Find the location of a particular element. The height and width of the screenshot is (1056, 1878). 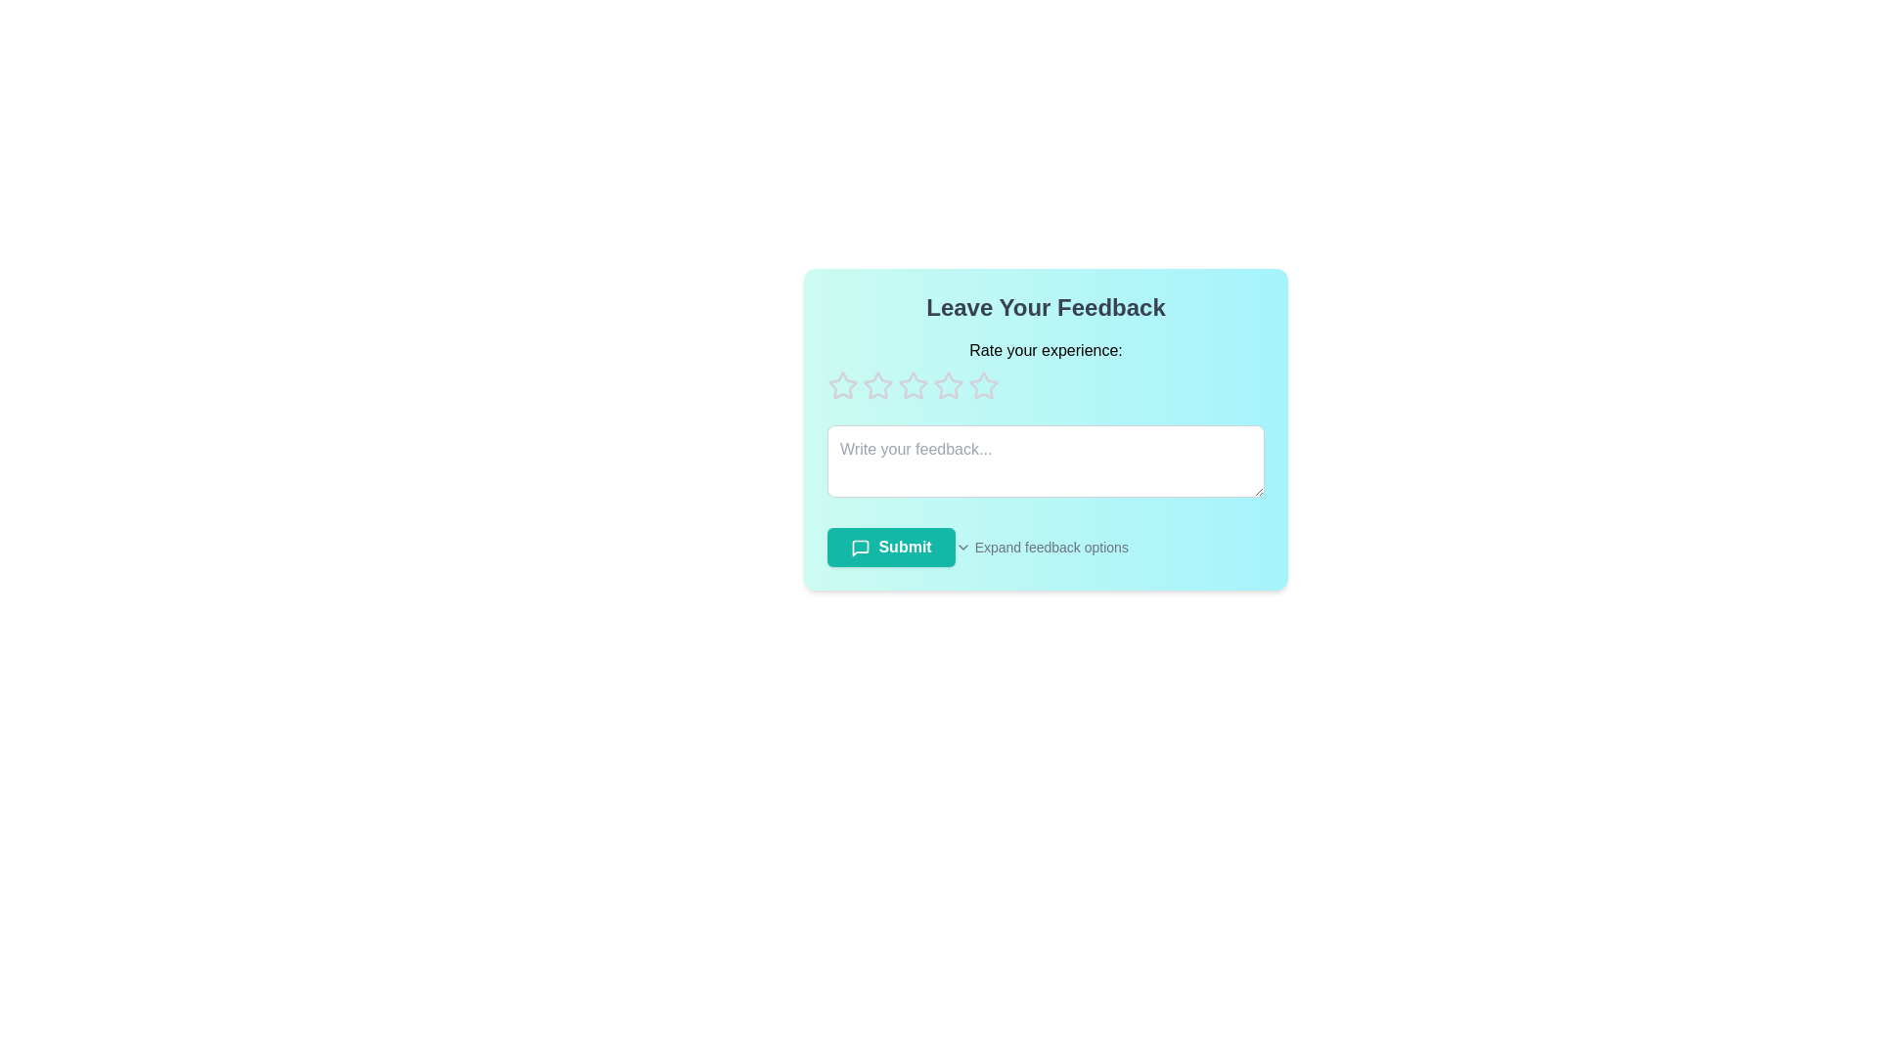

the labeled expandable menu trigger element displaying 'Expand feedback options' is located at coordinates (1109, 547).